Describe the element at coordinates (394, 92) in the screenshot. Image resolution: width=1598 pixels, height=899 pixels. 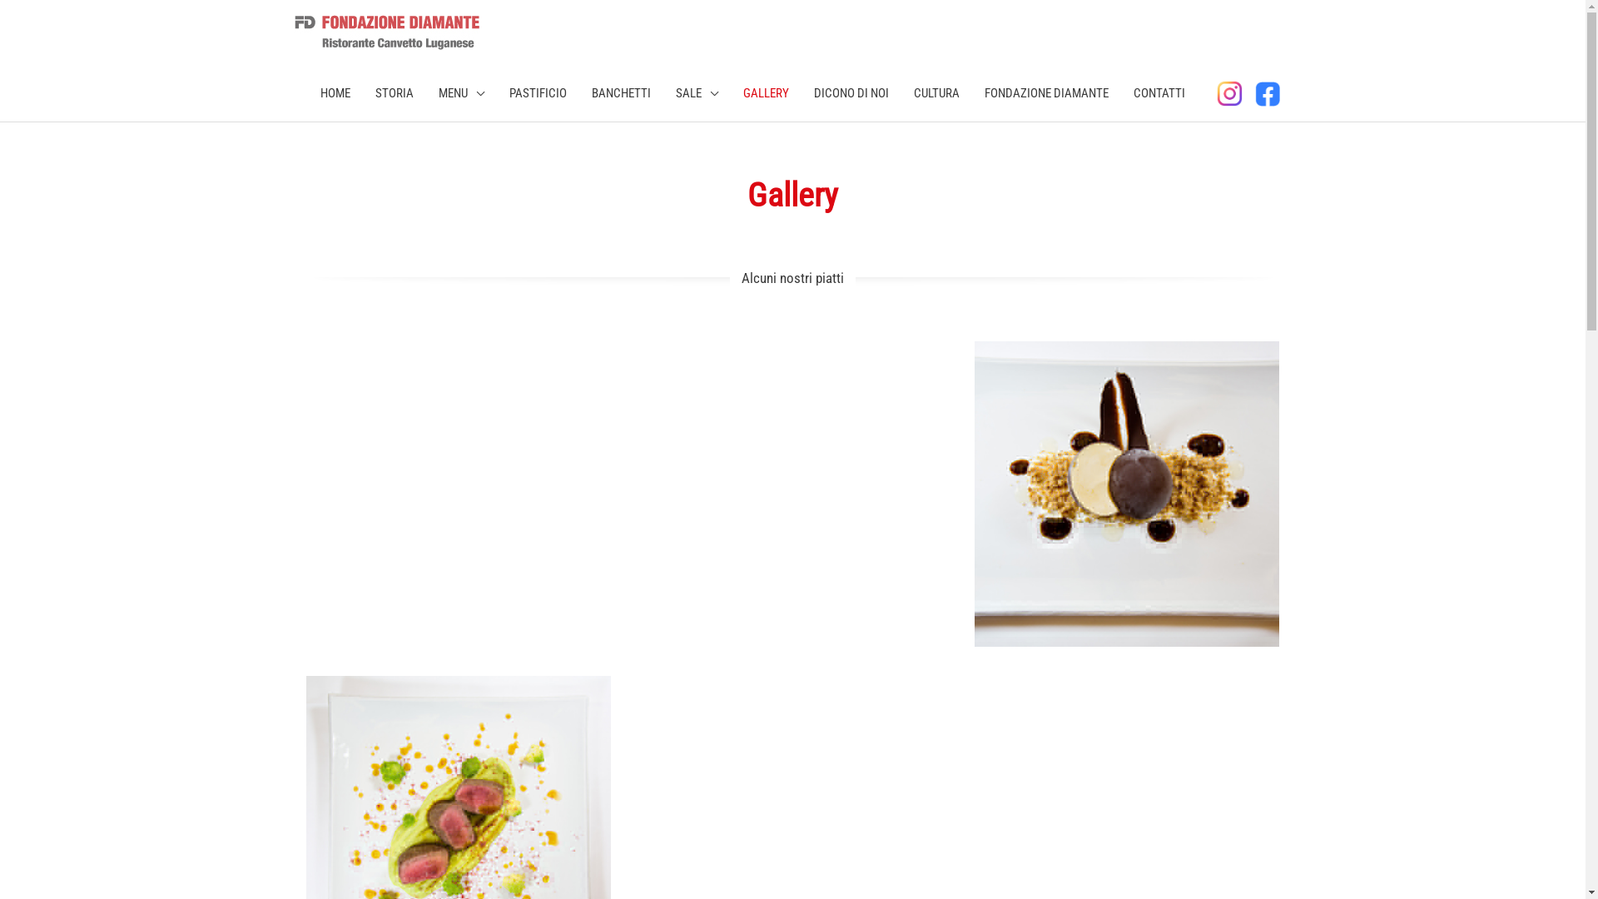
I see `'STORIA'` at that location.